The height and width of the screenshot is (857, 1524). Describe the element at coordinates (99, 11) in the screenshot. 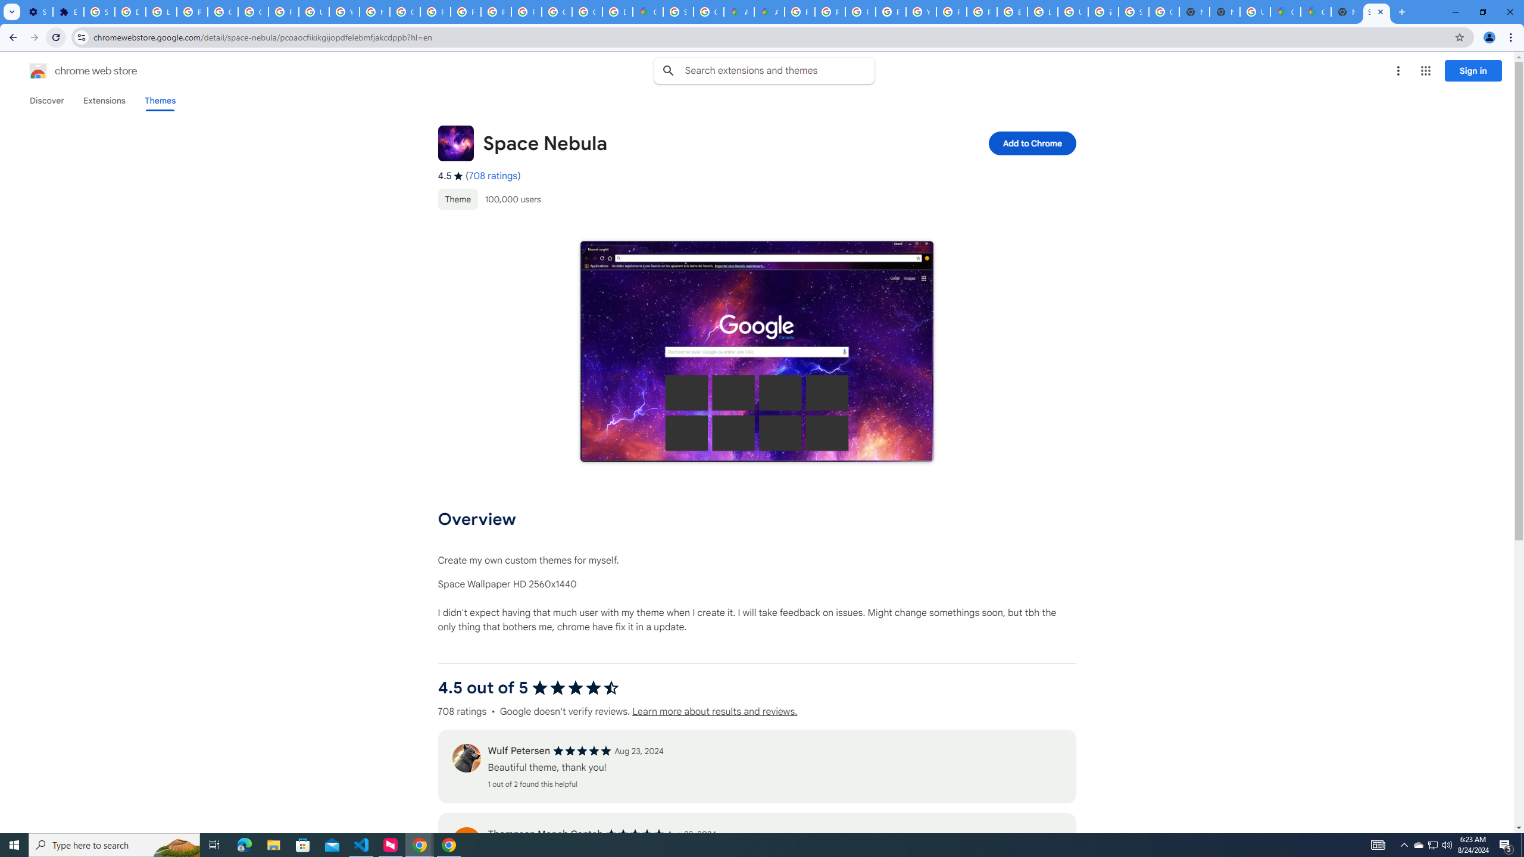

I see `'Sign in - Google Accounts'` at that location.